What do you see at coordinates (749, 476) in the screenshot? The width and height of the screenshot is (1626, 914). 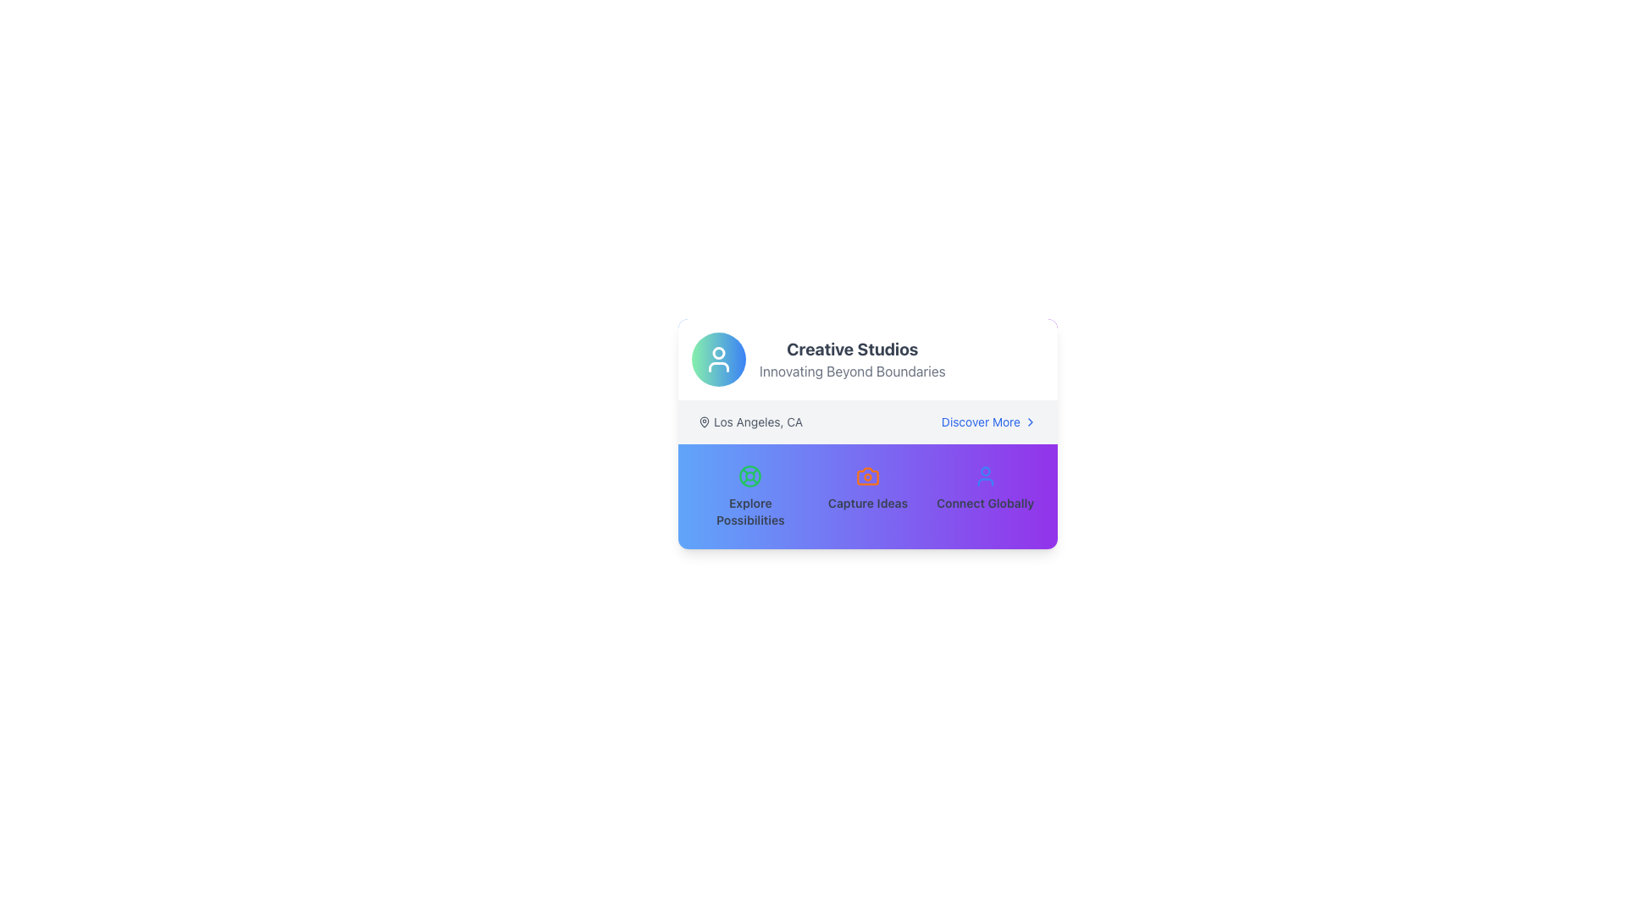 I see `the central circular graphical element of the emblematic icon` at bounding box center [749, 476].